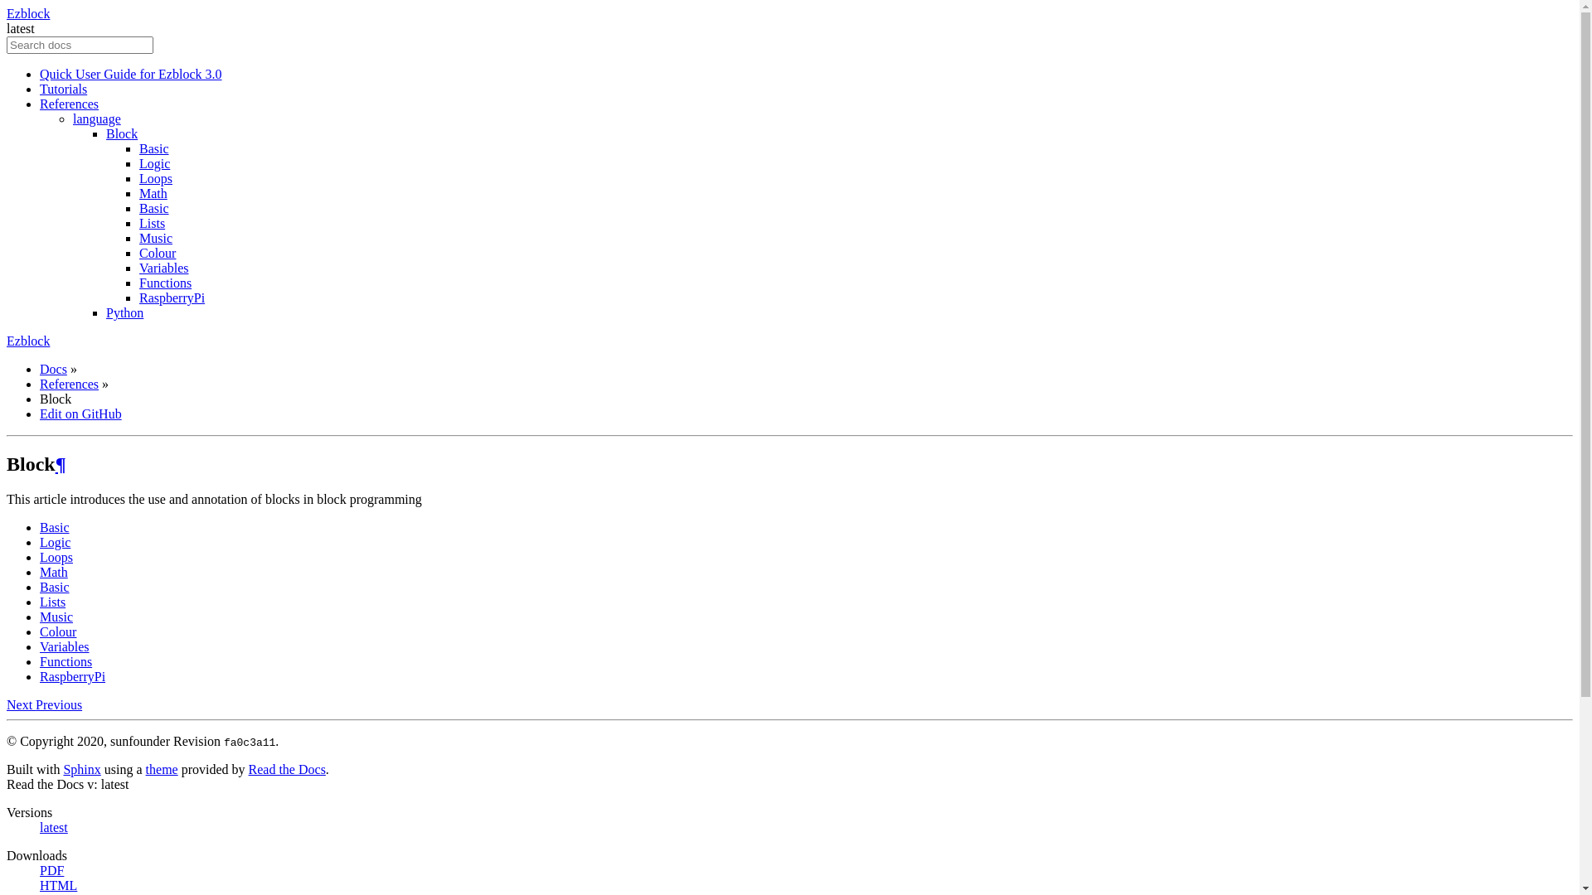 Image resolution: width=1592 pixels, height=895 pixels. What do you see at coordinates (27, 340) in the screenshot?
I see `'Ezblock'` at bounding box center [27, 340].